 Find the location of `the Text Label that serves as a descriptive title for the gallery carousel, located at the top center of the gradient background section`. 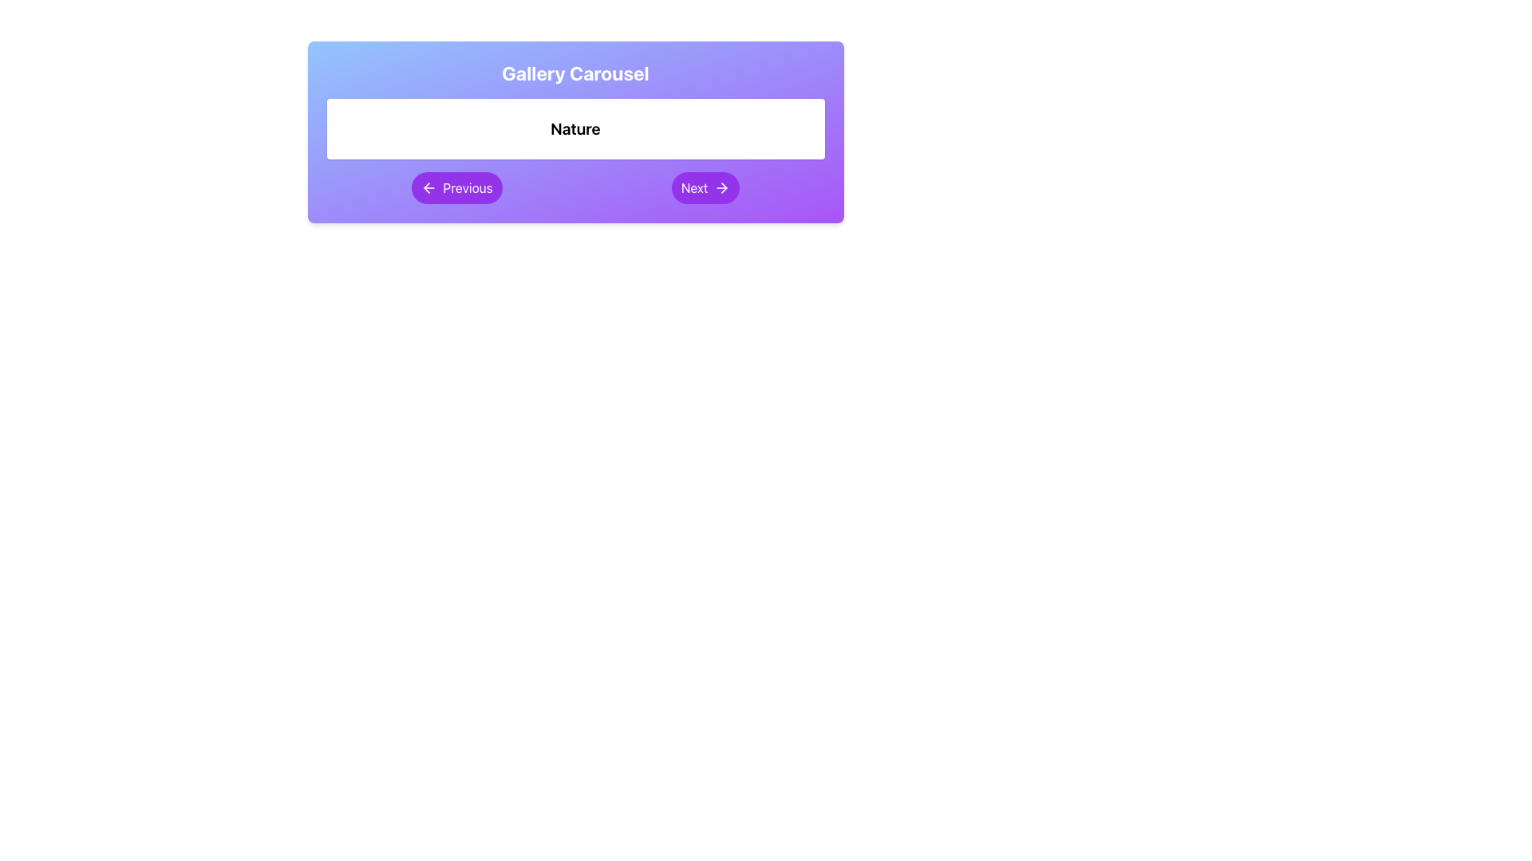

the Text Label that serves as a descriptive title for the gallery carousel, located at the top center of the gradient background section is located at coordinates (574, 73).